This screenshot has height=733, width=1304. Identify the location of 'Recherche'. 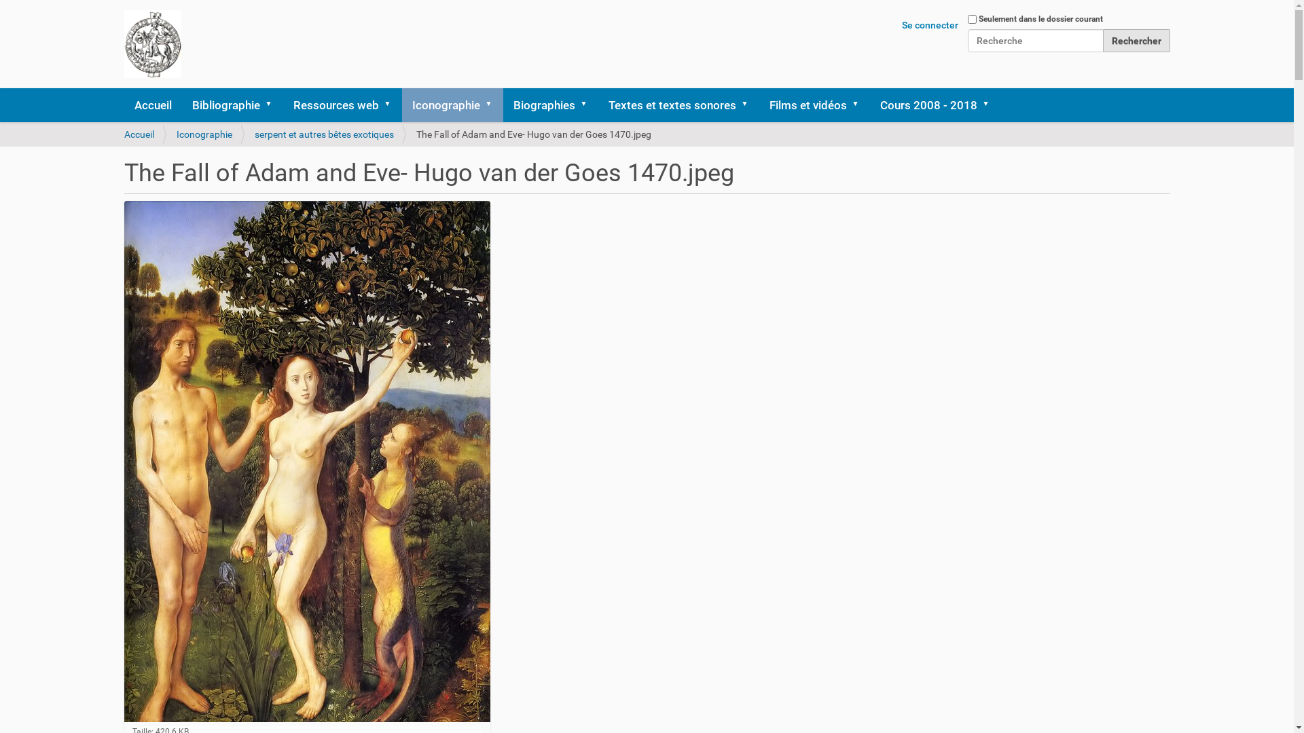
(1034, 40).